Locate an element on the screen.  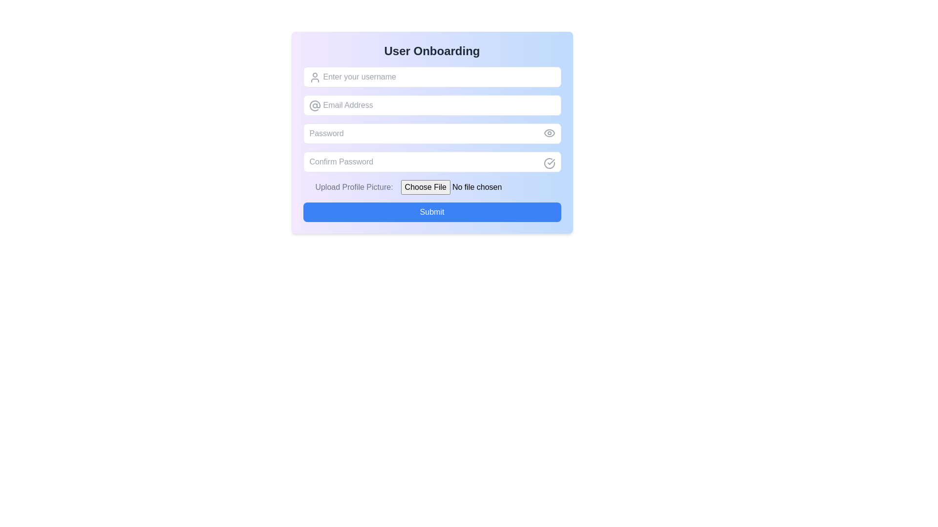
the eye icon button used for toggling password visibility located at the far right side of the 'Password' input field in the user onboarding form to potentially display a tooltip is located at coordinates (549, 133).